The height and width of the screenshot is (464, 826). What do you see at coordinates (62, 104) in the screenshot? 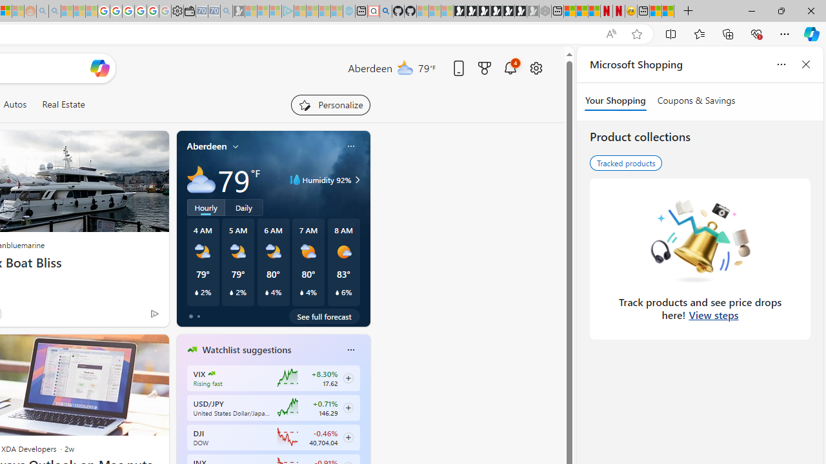
I see `'Real Estate'` at bounding box center [62, 104].